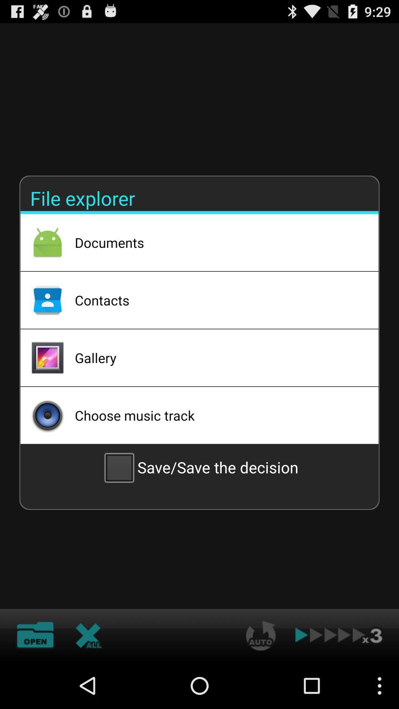 This screenshot has width=399, height=709. What do you see at coordinates (216, 415) in the screenshot?
I see `choose music track item` at bounding box center [216, 415].